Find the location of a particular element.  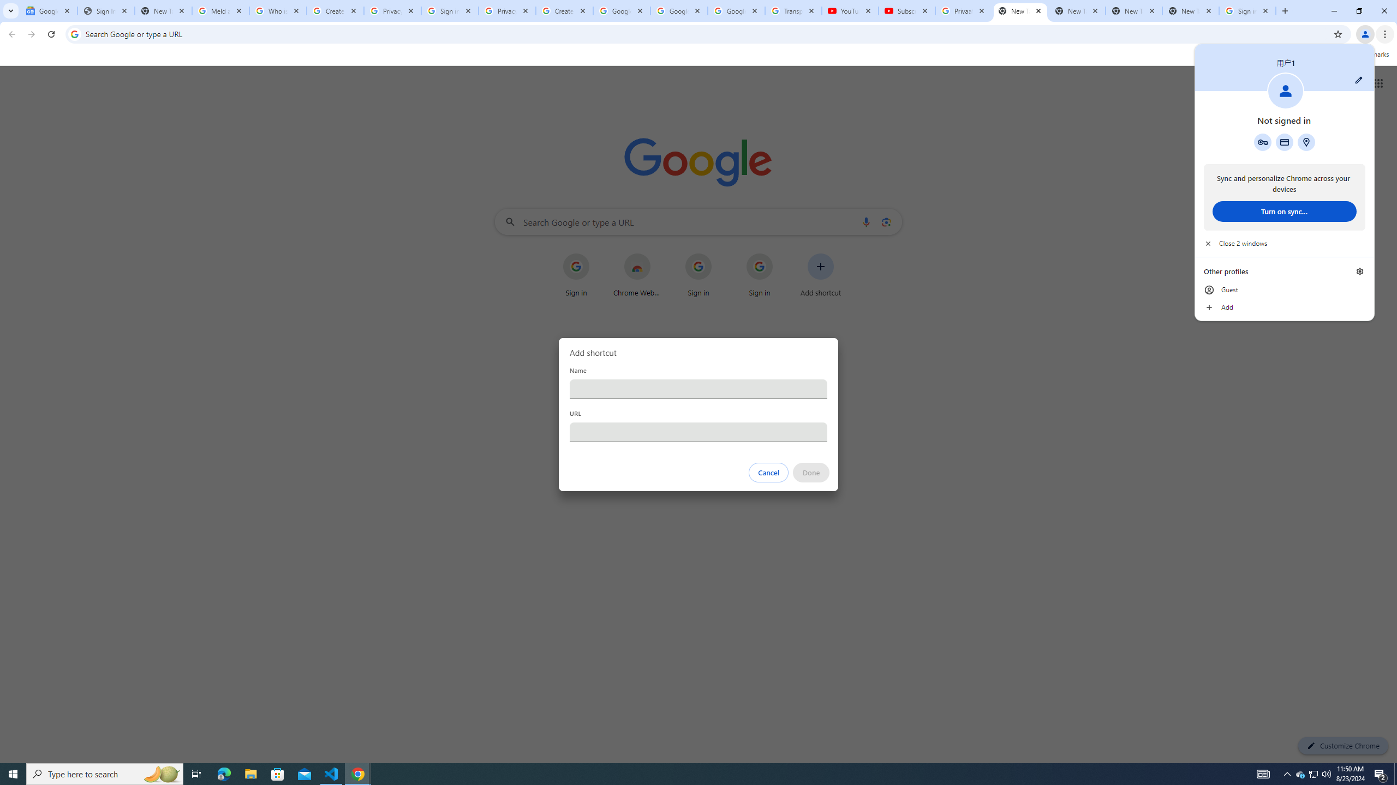

'Type here to search' is located at coordinates (104, 773).